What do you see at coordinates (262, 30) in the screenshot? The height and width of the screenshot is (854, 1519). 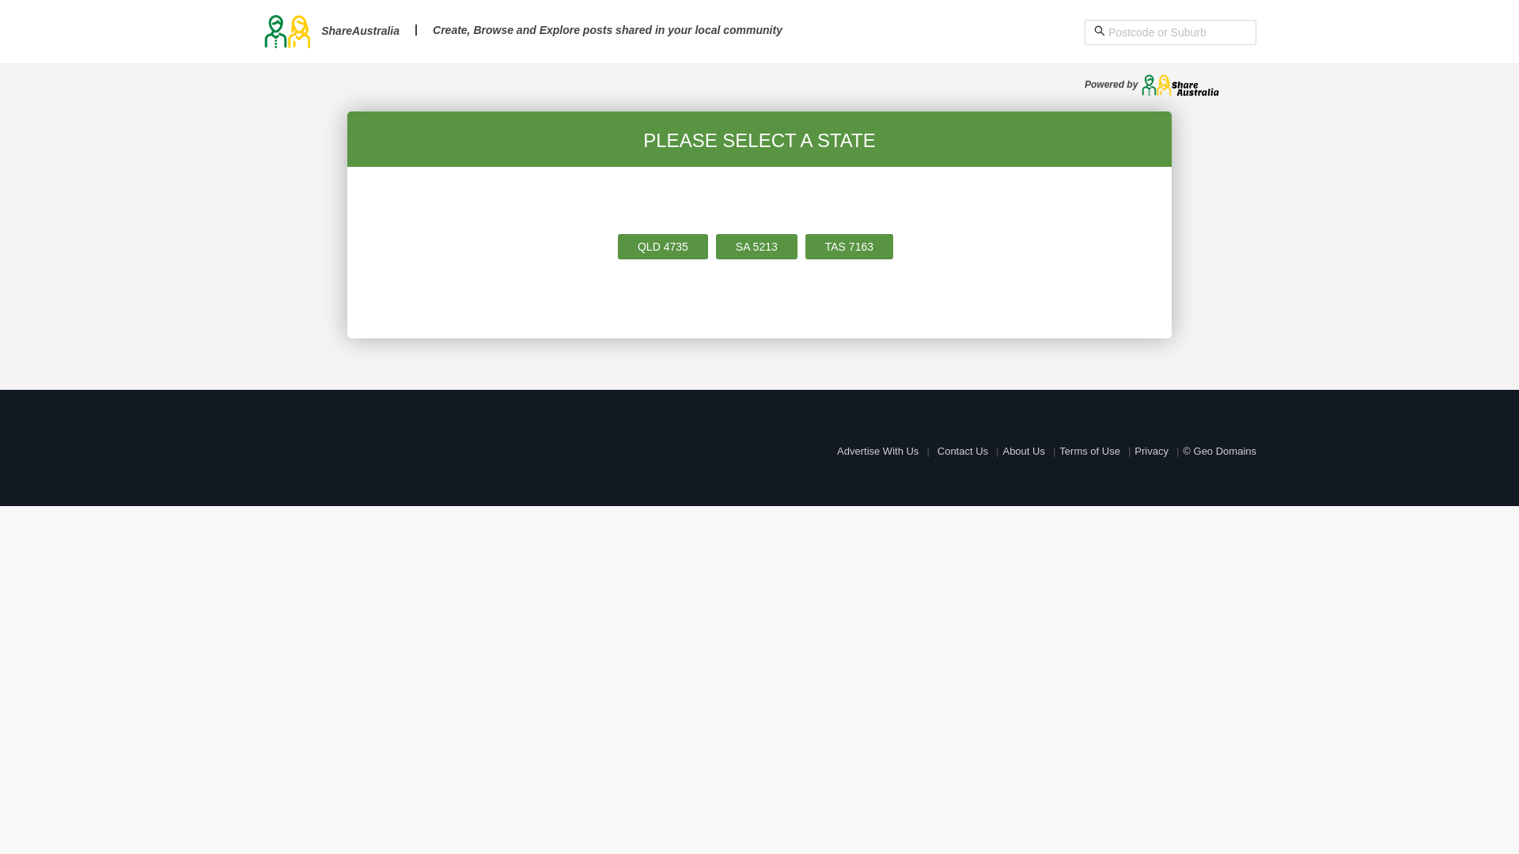 I see `'ShareAustralia'` at bounding box center [262, 30].